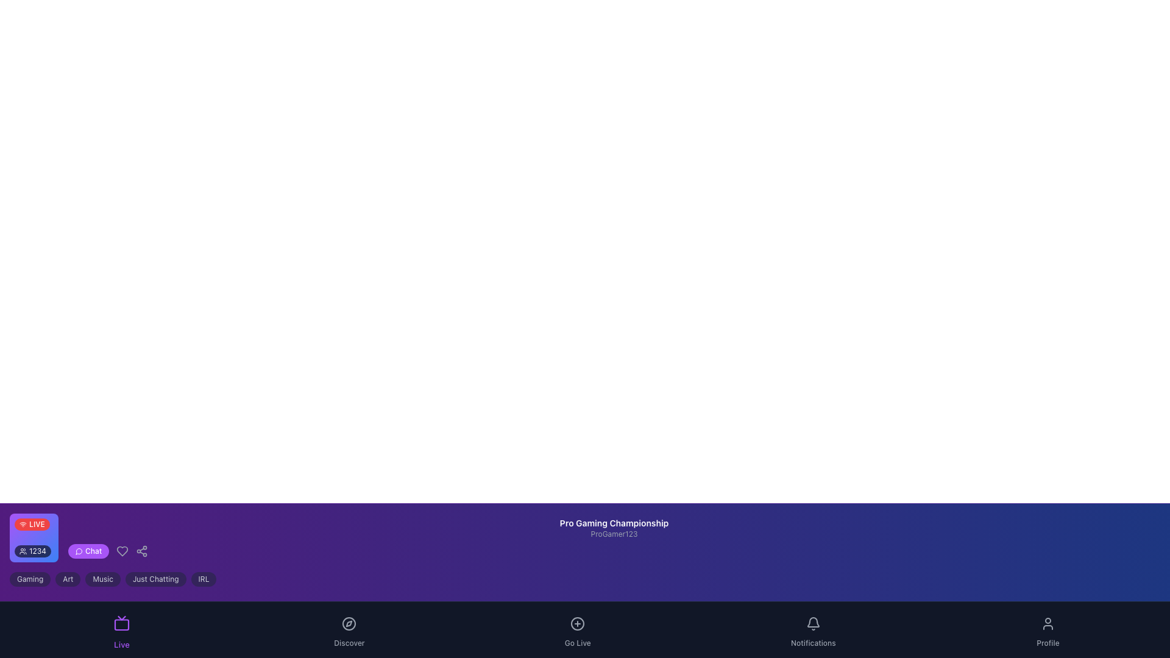 This screenshot has height=658, width=1170. What do you see at coordinates (349, 623) in the screenshot?
I see `the gray compass-like icon with a circular outline and a central star shape located in the center bottom navigation section of the interface, which is the second icon from the left under the 'Discover' label, to trigger the tooltip or visual response` at bounding box center [349, 623].